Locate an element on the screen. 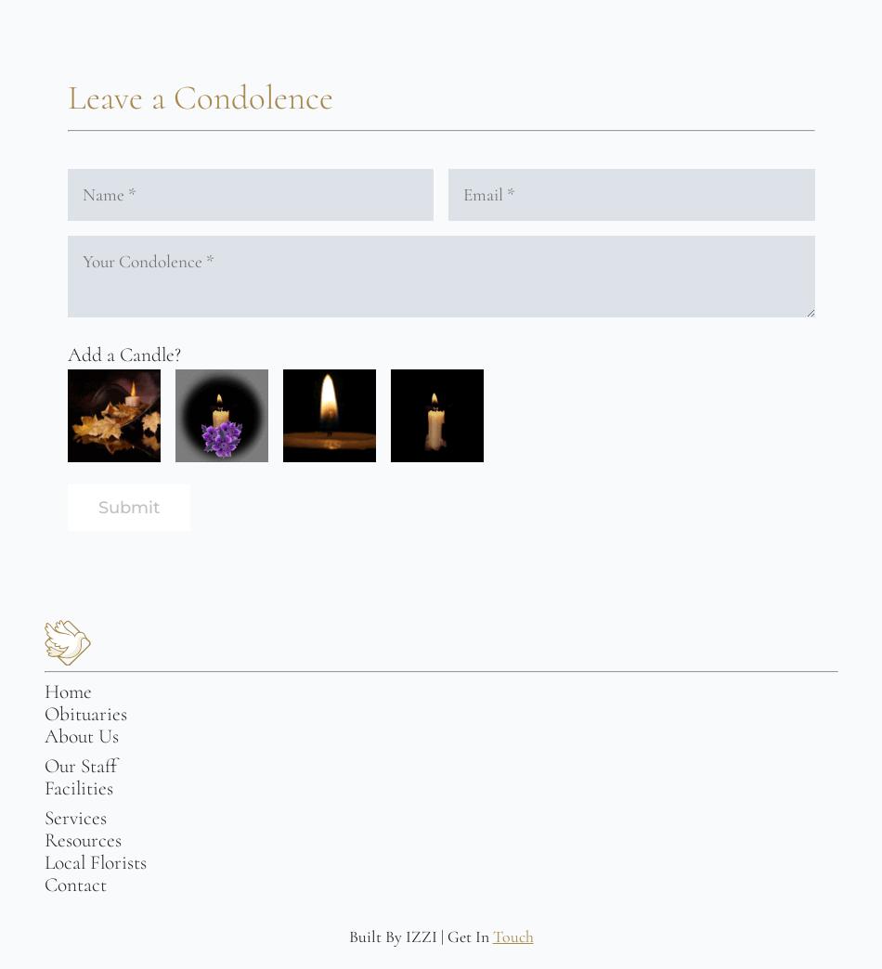  'About Us' is located at coordinates (81, 735).